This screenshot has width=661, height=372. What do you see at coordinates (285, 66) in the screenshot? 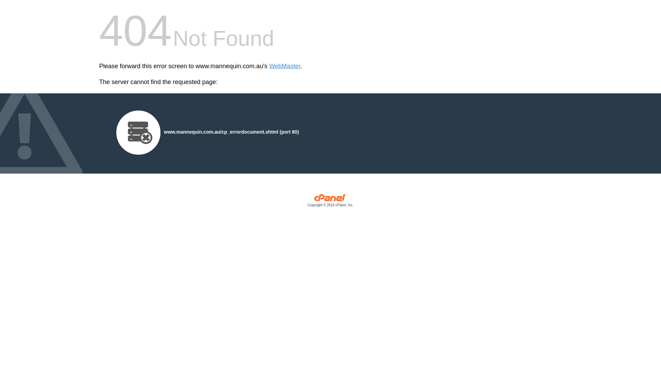
I see `'WebMaster'` at bounding box center [285, 66].